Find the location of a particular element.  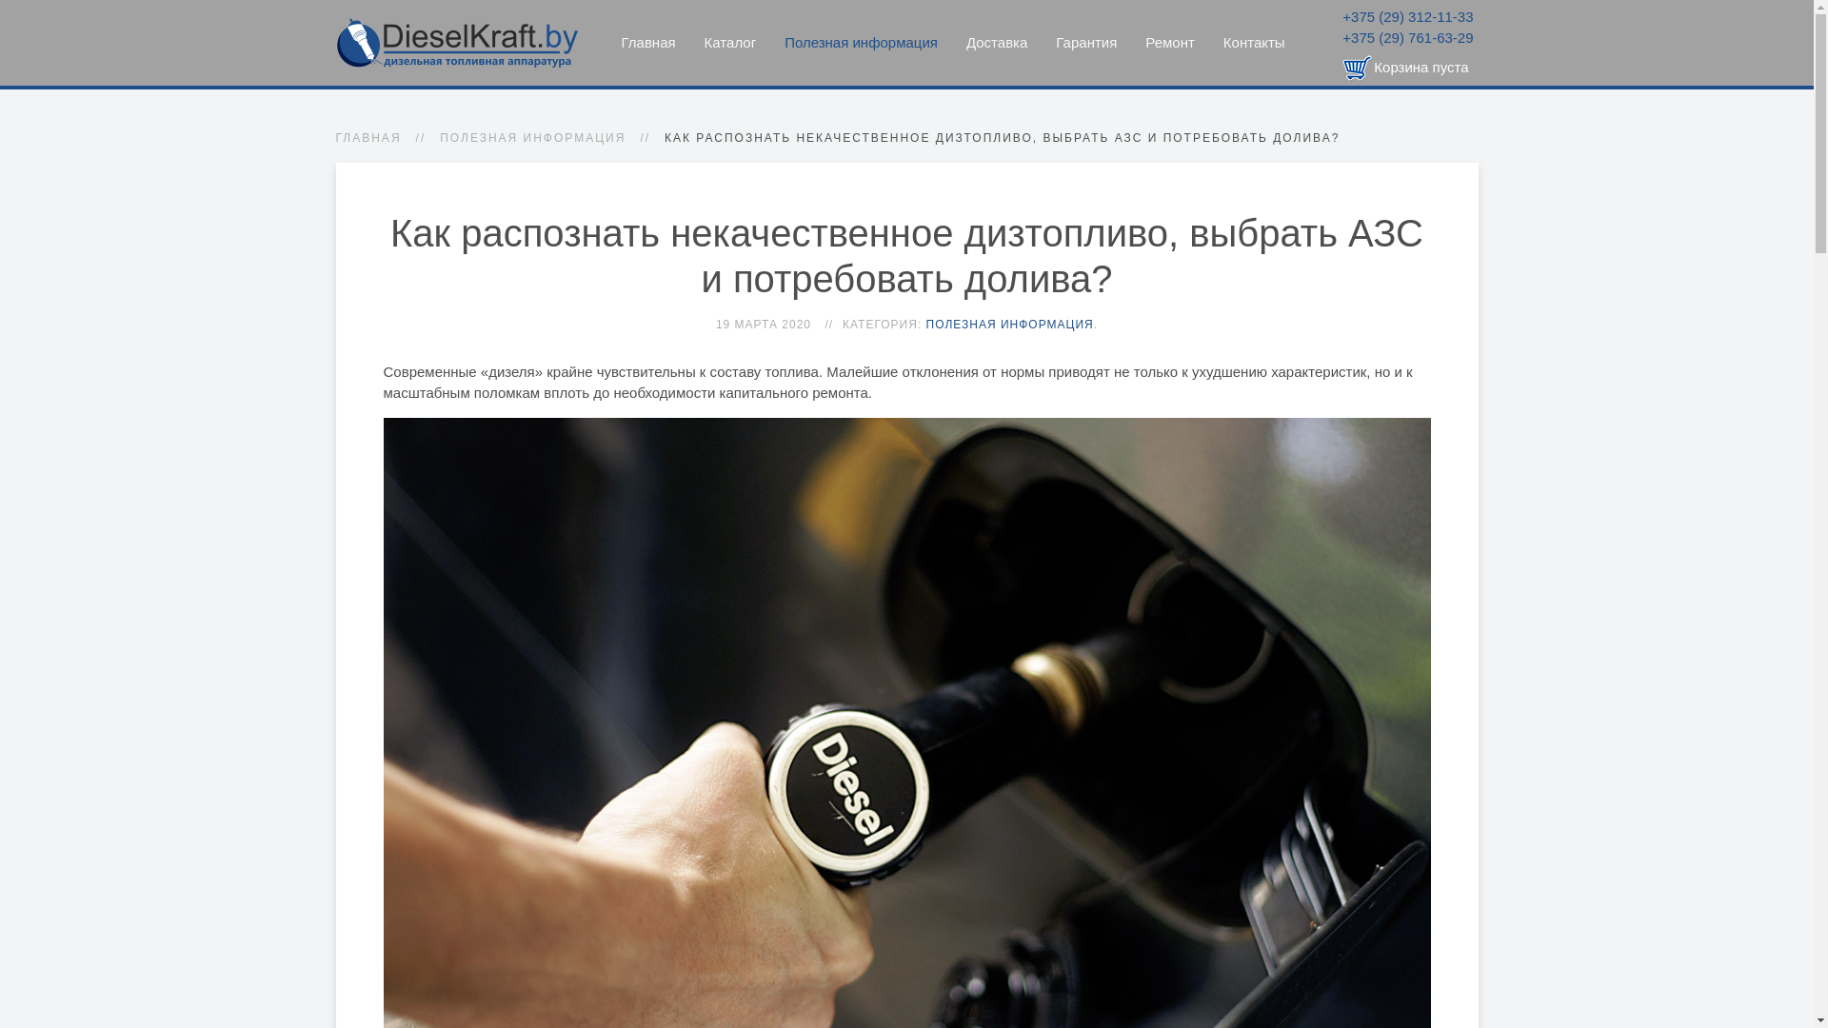

'+375 (29) 312-11-33' is located at coordinates (1341, 16).